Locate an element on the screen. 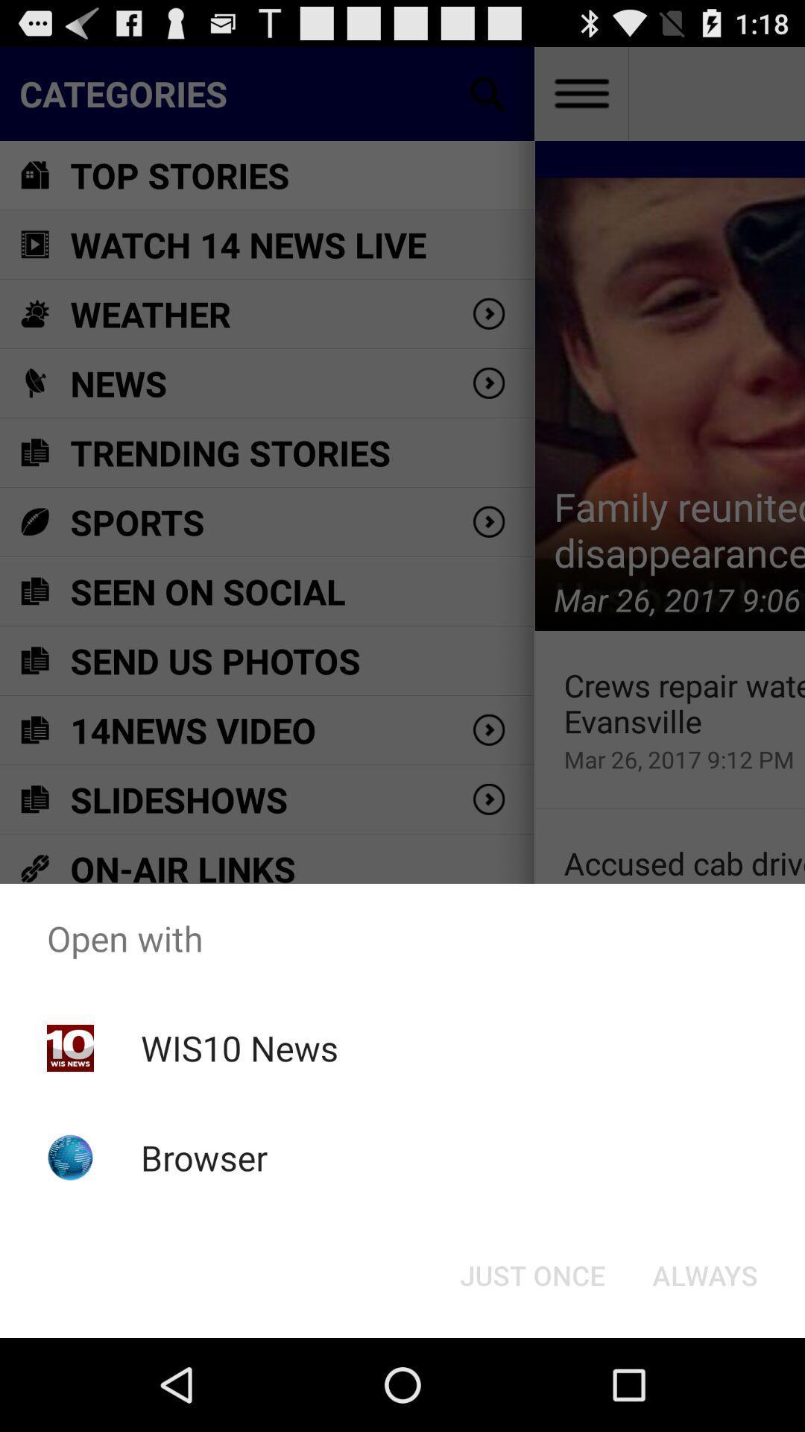 The width and height of the screenshot is (805, 1432). the item below open with app is located at coordinates (704, 1274).